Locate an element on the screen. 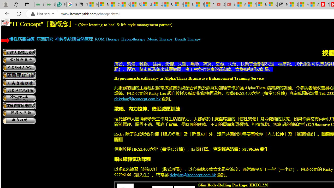  'Not secure' is located at coordinates (44, 14).